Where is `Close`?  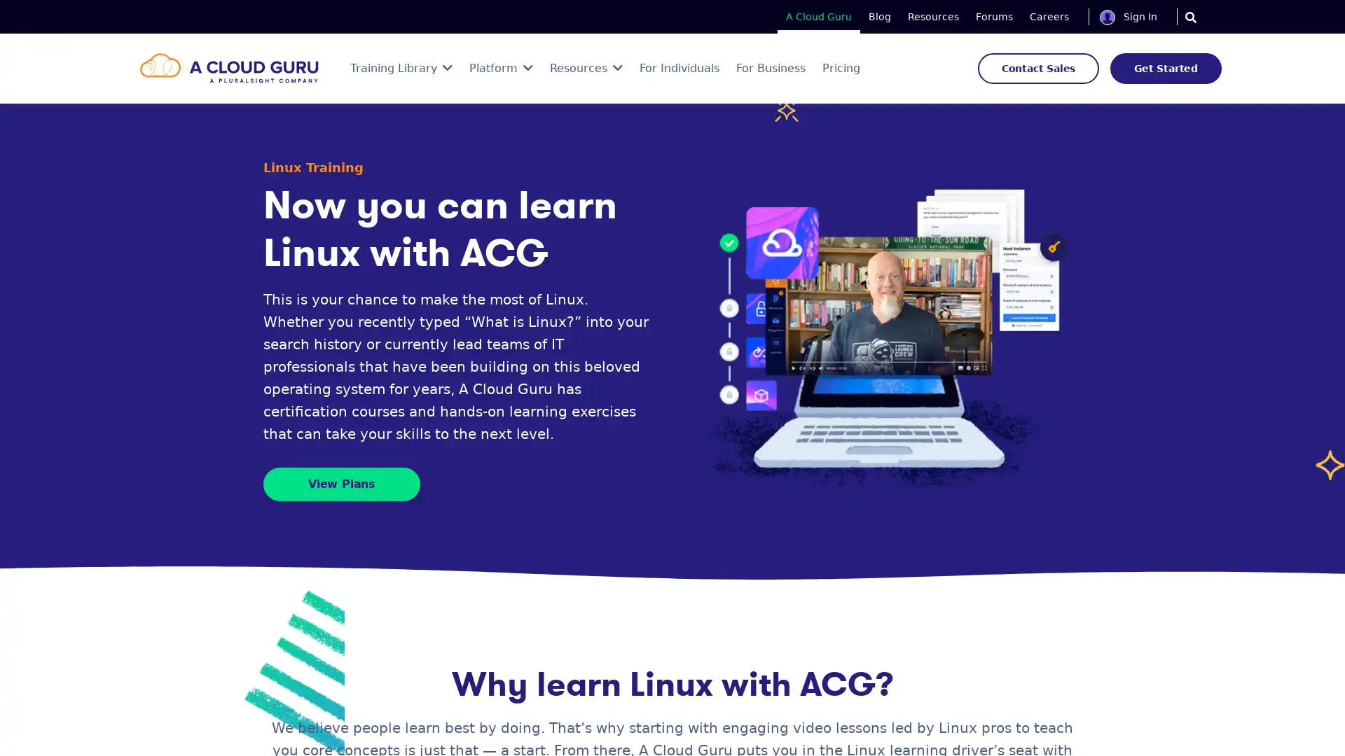
Close is located at coordinates (1328, 710).